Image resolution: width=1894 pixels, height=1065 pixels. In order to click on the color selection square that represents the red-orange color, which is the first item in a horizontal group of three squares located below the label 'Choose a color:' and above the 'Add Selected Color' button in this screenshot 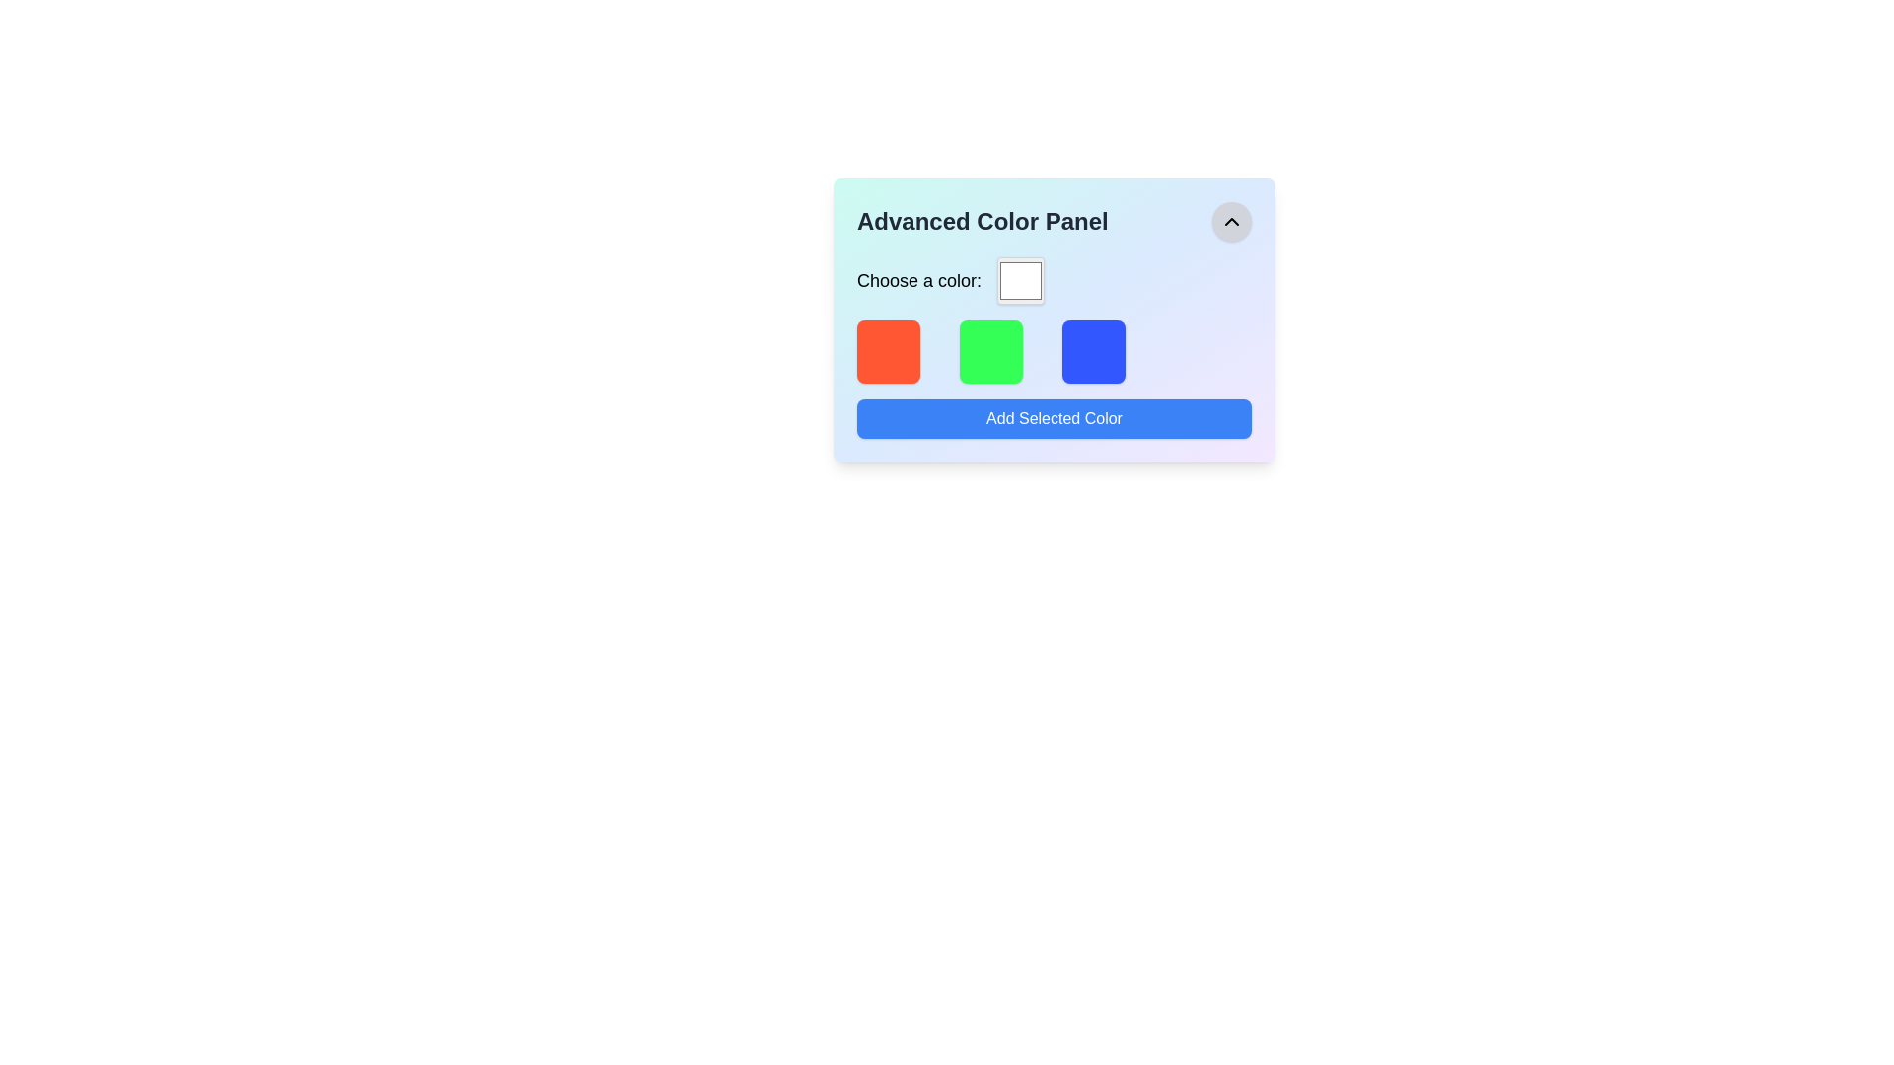, I will do `click(888, 351)`.